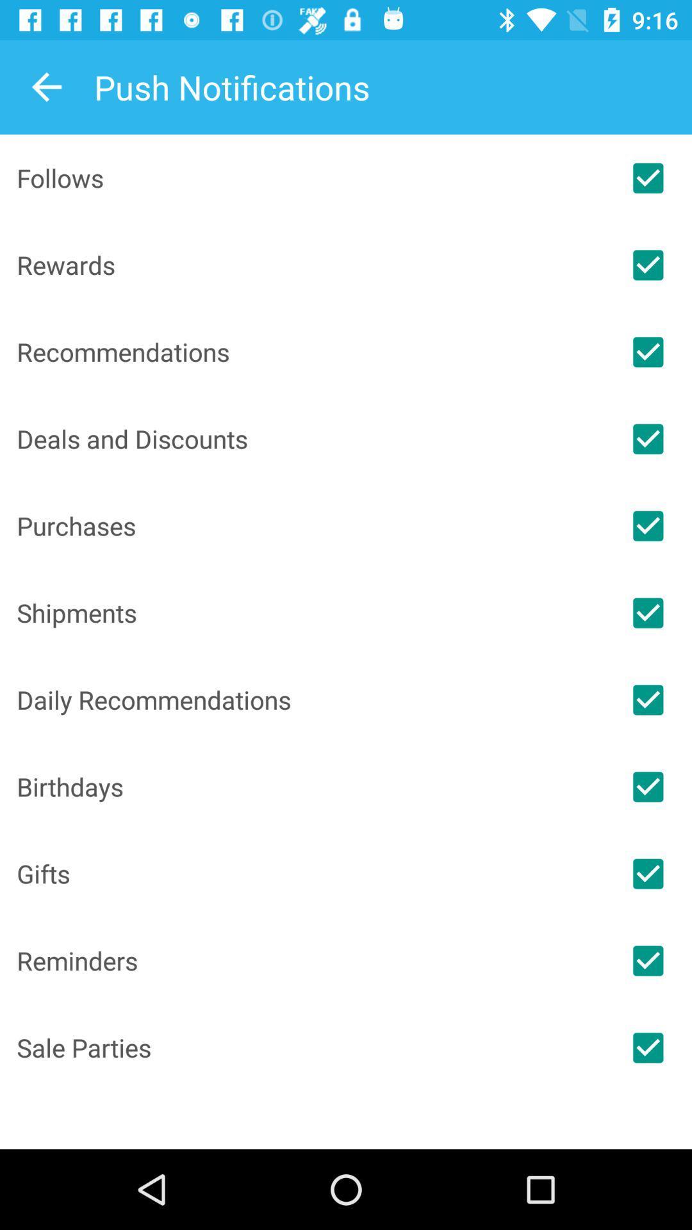 The image size is (692, 1230). Describe the element at coordinates (648, 439) in the screenshot. I see `check deals and discount box` at that location.